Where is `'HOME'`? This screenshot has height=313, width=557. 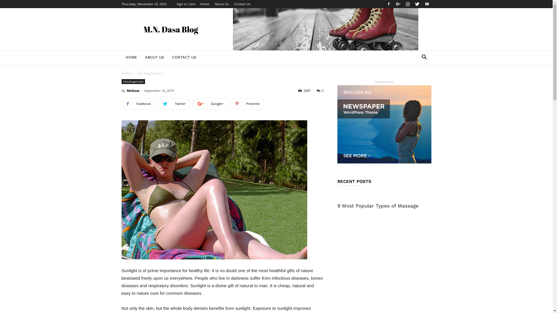
'HOME' is located at coordinates (121, 57).